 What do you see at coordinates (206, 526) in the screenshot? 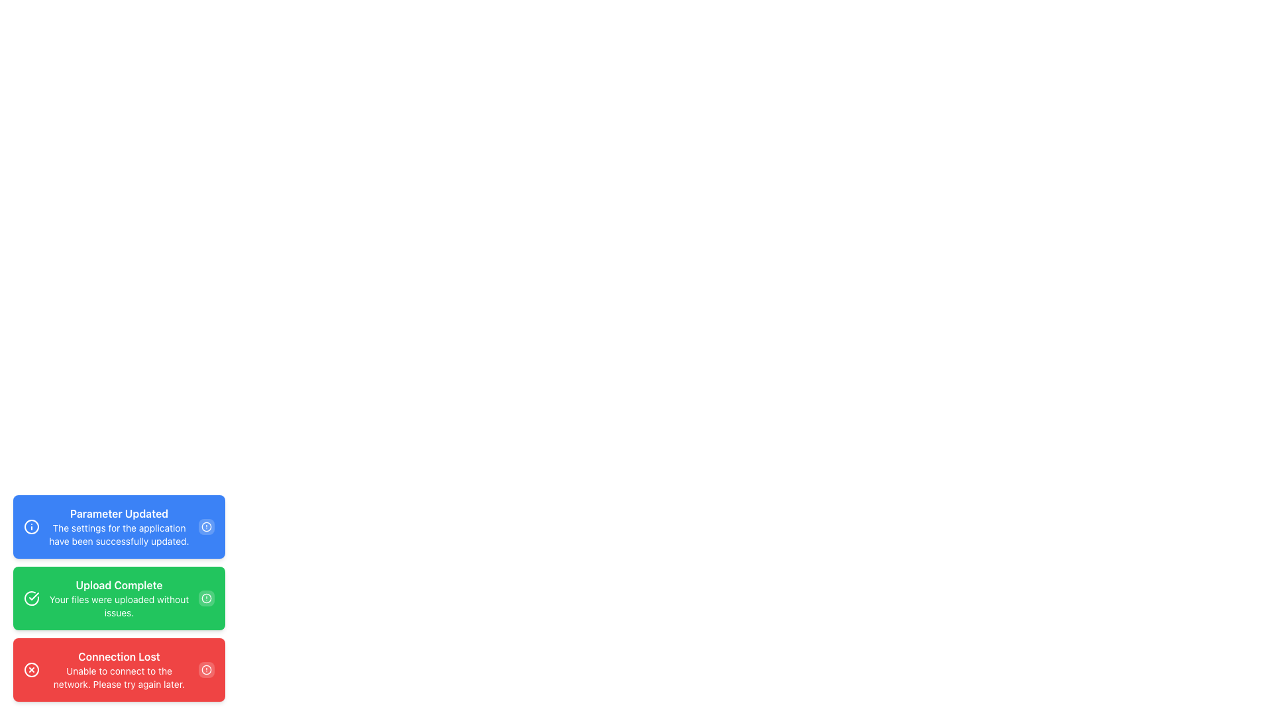
I see `the button located at the top-right corner of the 'Parameter Updated' notification card` at bounding box center [206, 526].